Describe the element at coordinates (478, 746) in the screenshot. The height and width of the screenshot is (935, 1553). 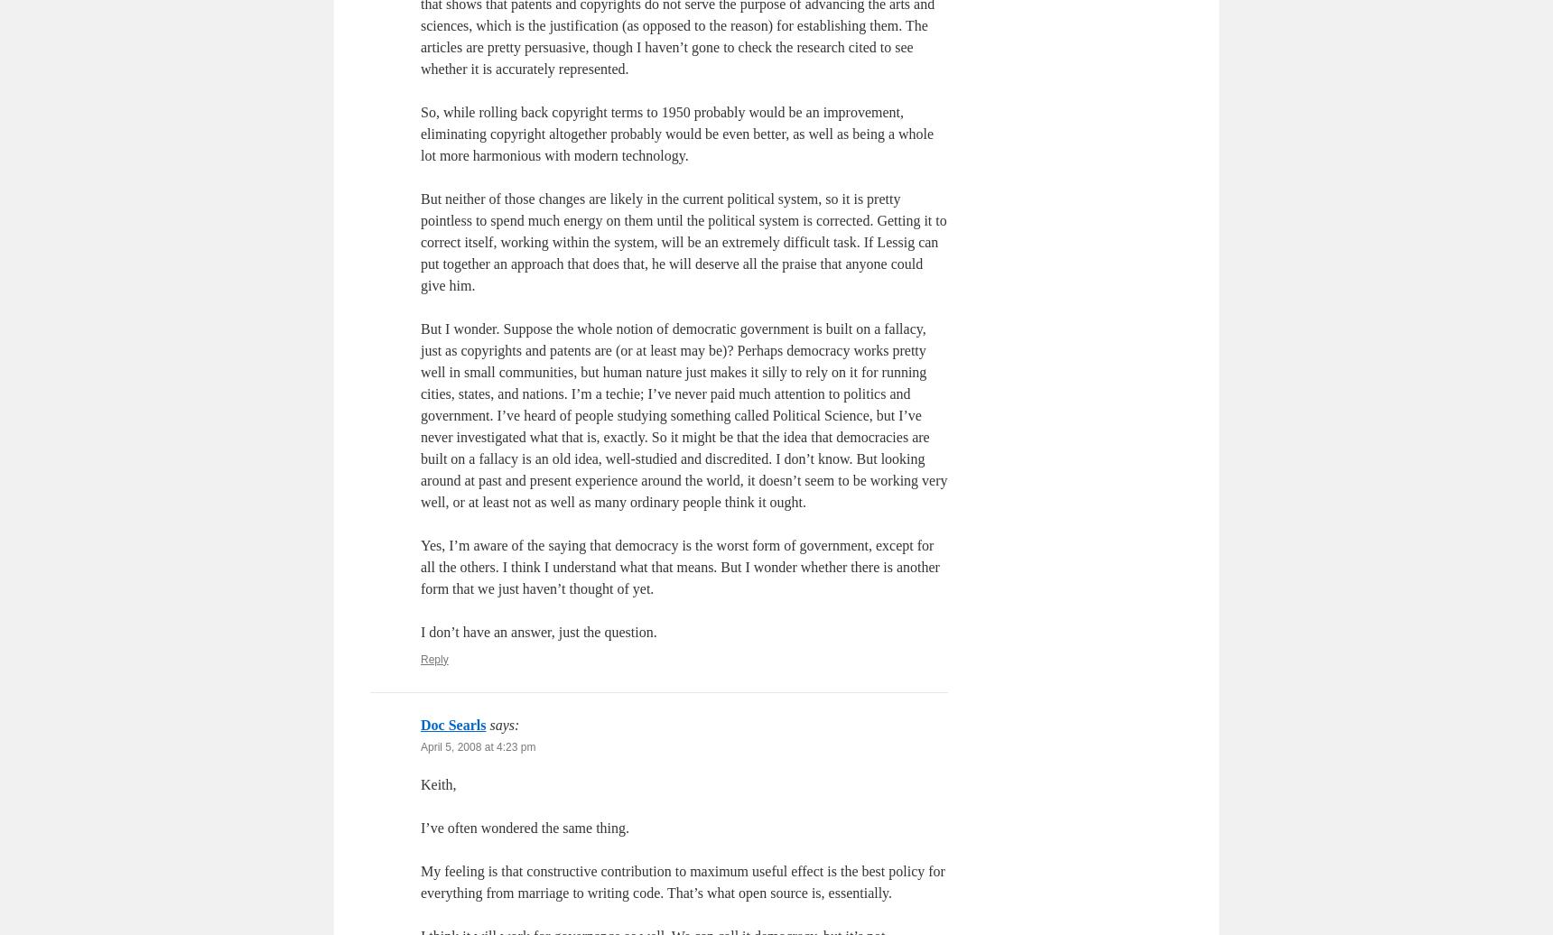
I see `'April 5, 2008 at 4:23 pm'` at that location.